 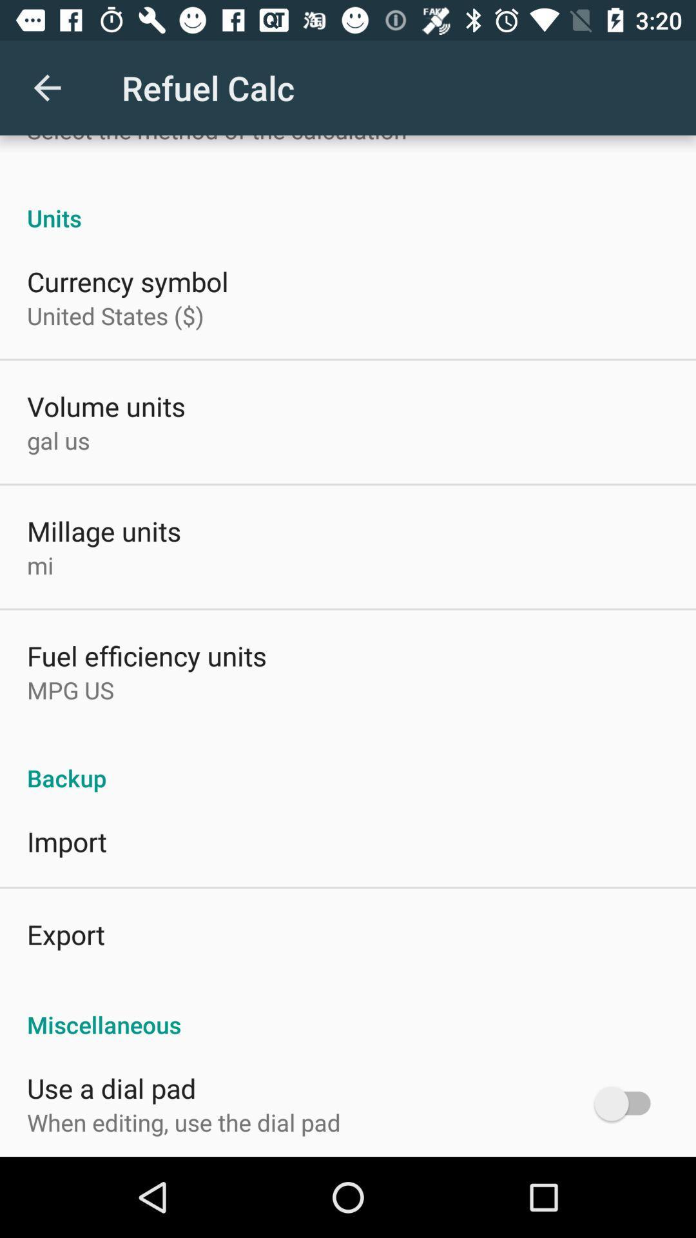 What do you see at coordinates (39, 565) in the screenshot?
I see `the icon above the fuel efficiency units app` at bounding box center [39, 565].